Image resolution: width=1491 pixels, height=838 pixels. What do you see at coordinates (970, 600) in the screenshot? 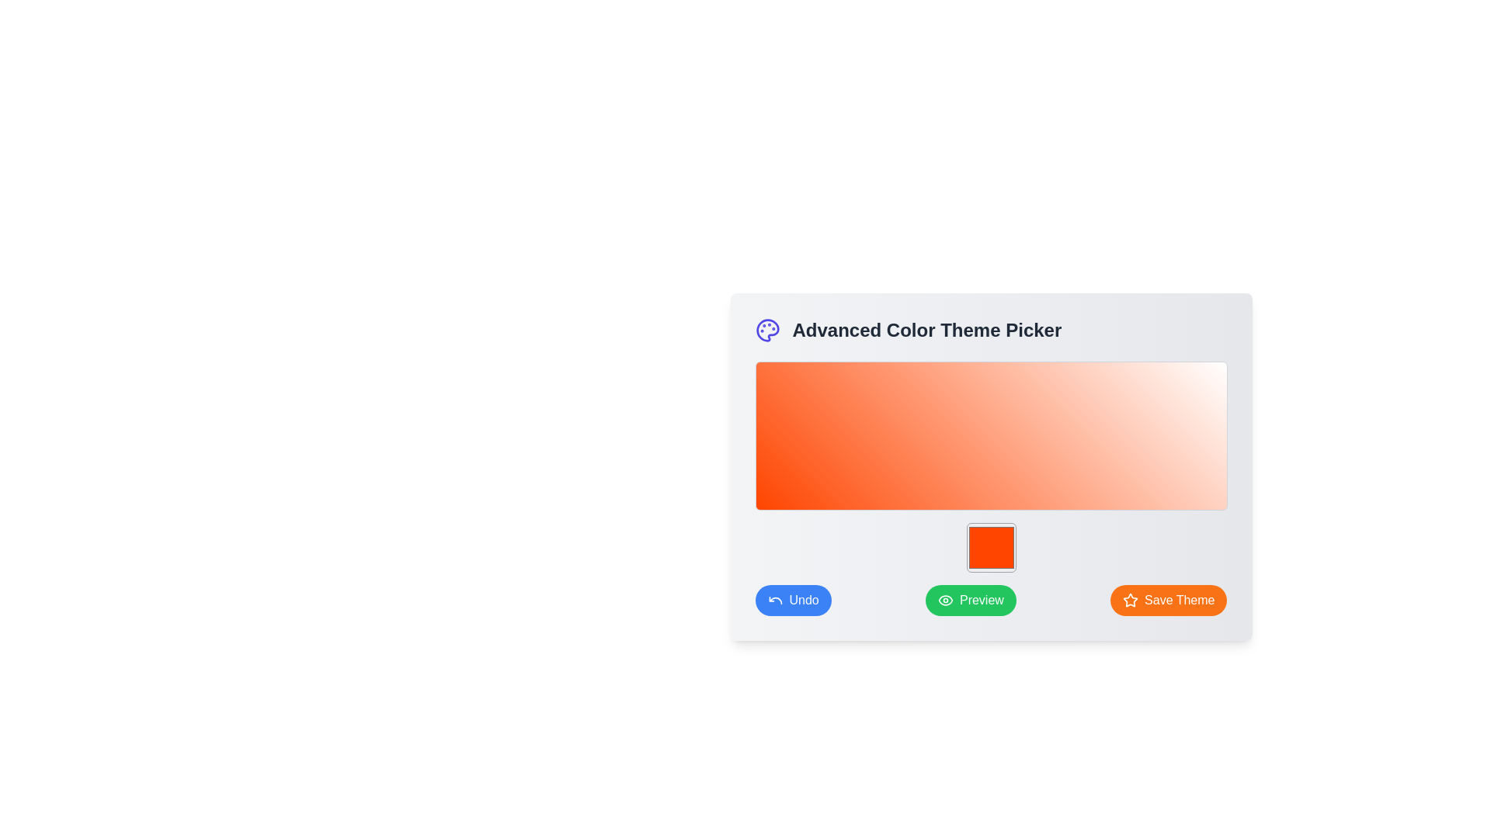
I see `the oval-shaped 'Preview' button with a green background and white text` at bounding box center [970, 600].